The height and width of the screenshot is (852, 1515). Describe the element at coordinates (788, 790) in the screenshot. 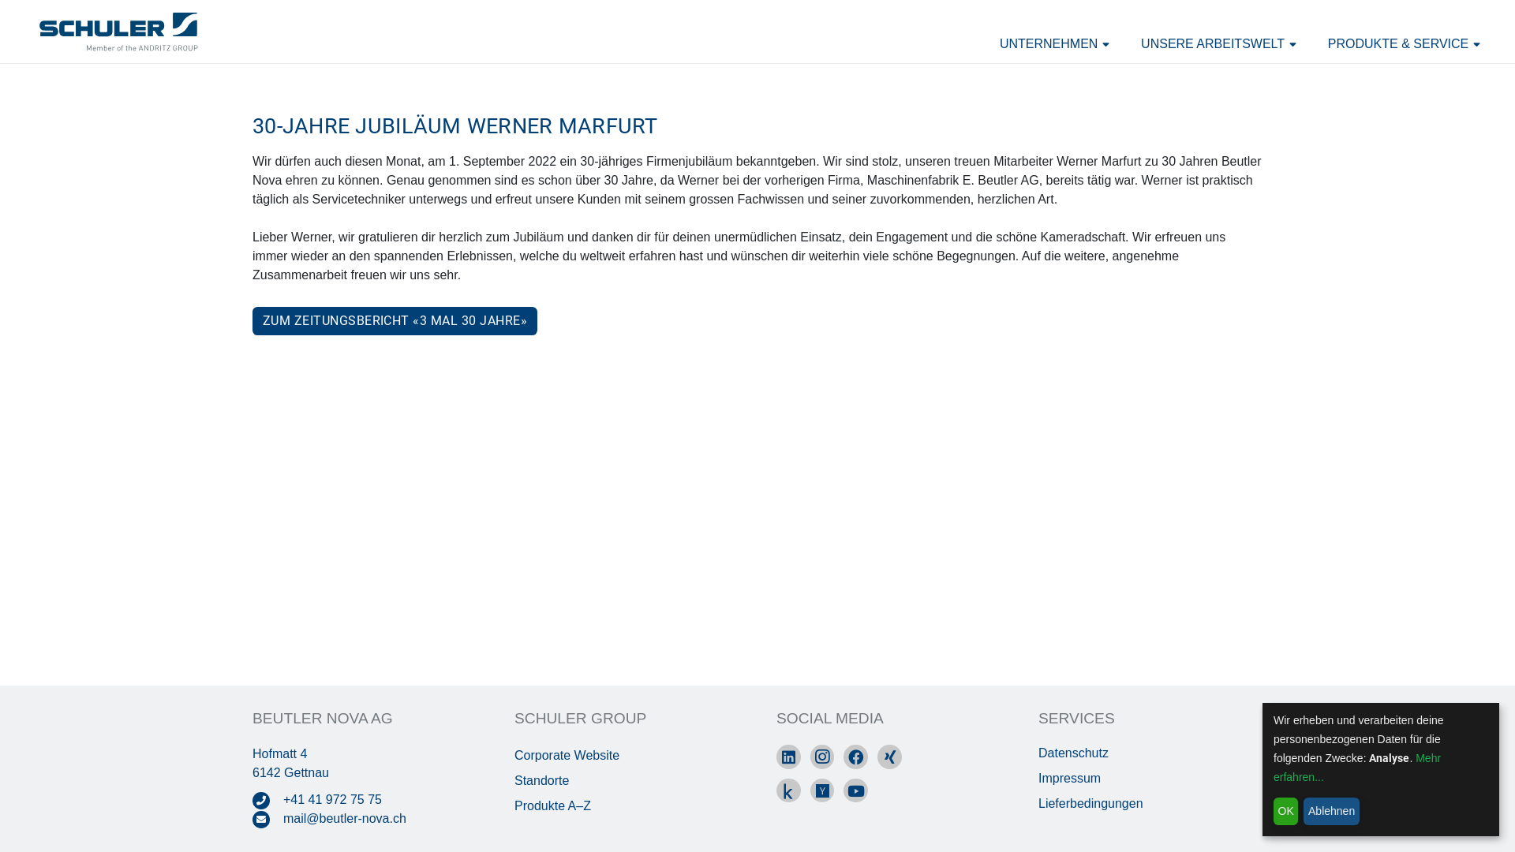

I see `'kununu'` at that location.